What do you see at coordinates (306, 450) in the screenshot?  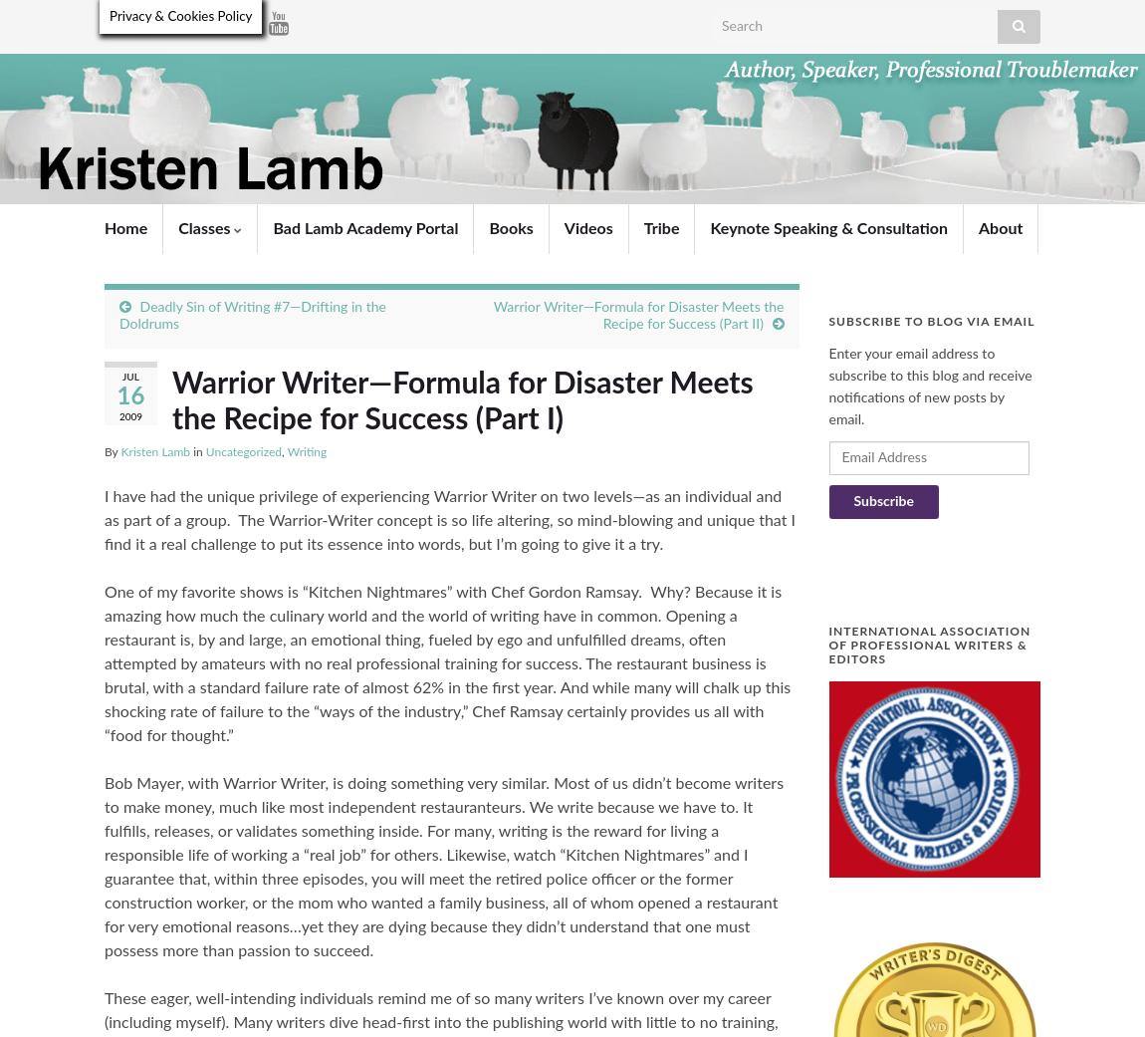 I see `'Writing'` at bounding box center [306, 450].